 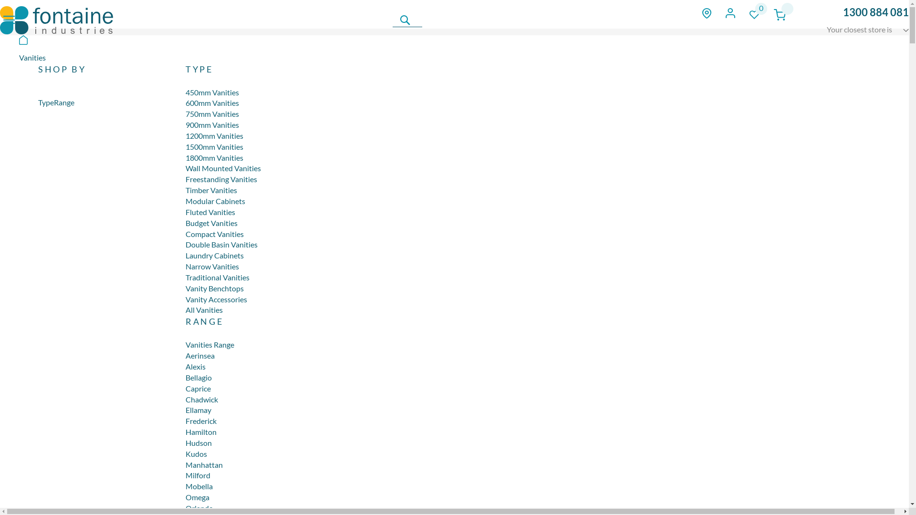 What do you see at coordinates (210, 211) in the screenshot?
I see `'Fluted Vanities'` at bounding box center [210, 211].